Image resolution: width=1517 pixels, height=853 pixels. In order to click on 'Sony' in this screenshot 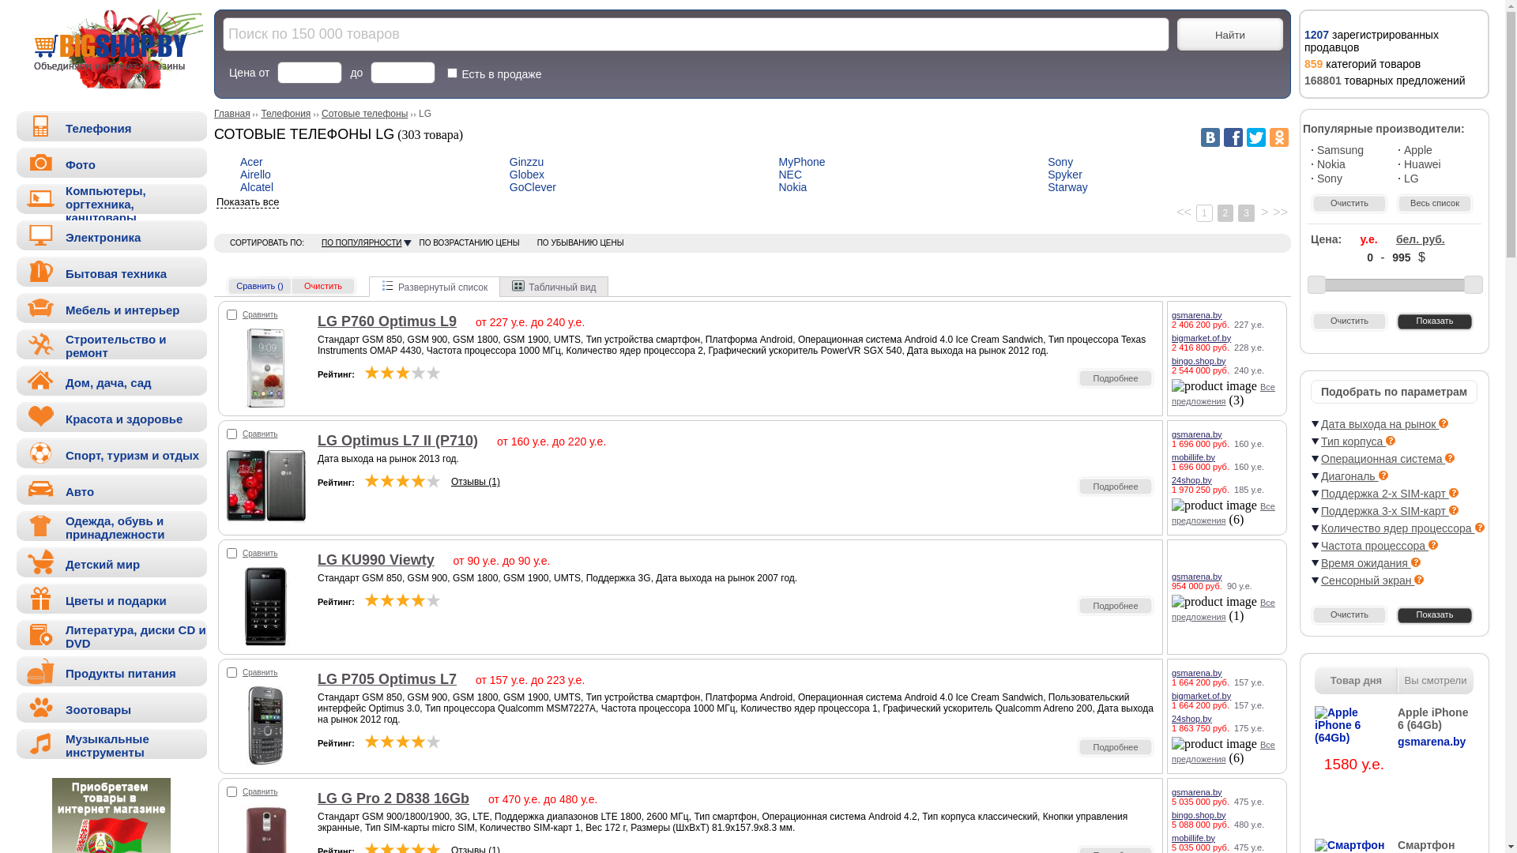, I will do `click(1349, 178)`.